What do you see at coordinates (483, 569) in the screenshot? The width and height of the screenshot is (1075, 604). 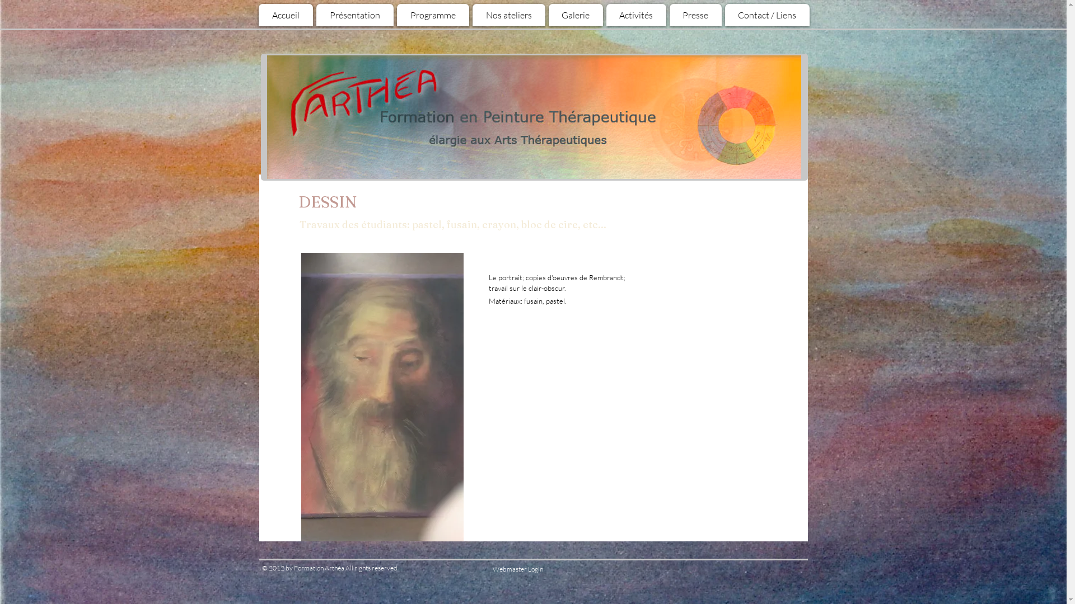 I see `'Webmaster Login'` at bounding box center [483, 569].